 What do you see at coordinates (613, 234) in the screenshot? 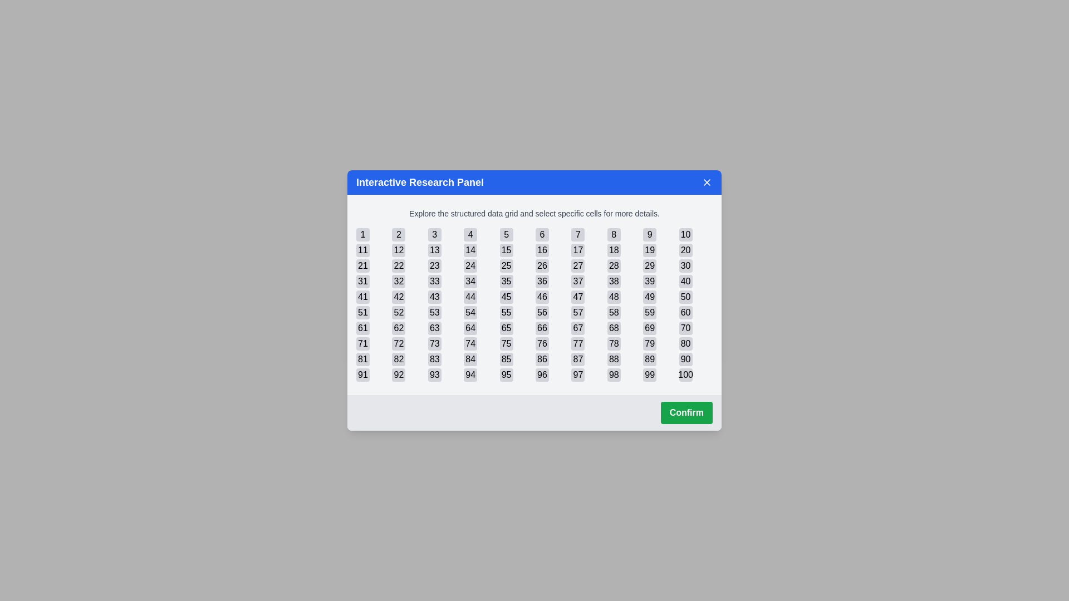
I see `the cell with the number 8 in the grid` at bounding box center [613, 234].